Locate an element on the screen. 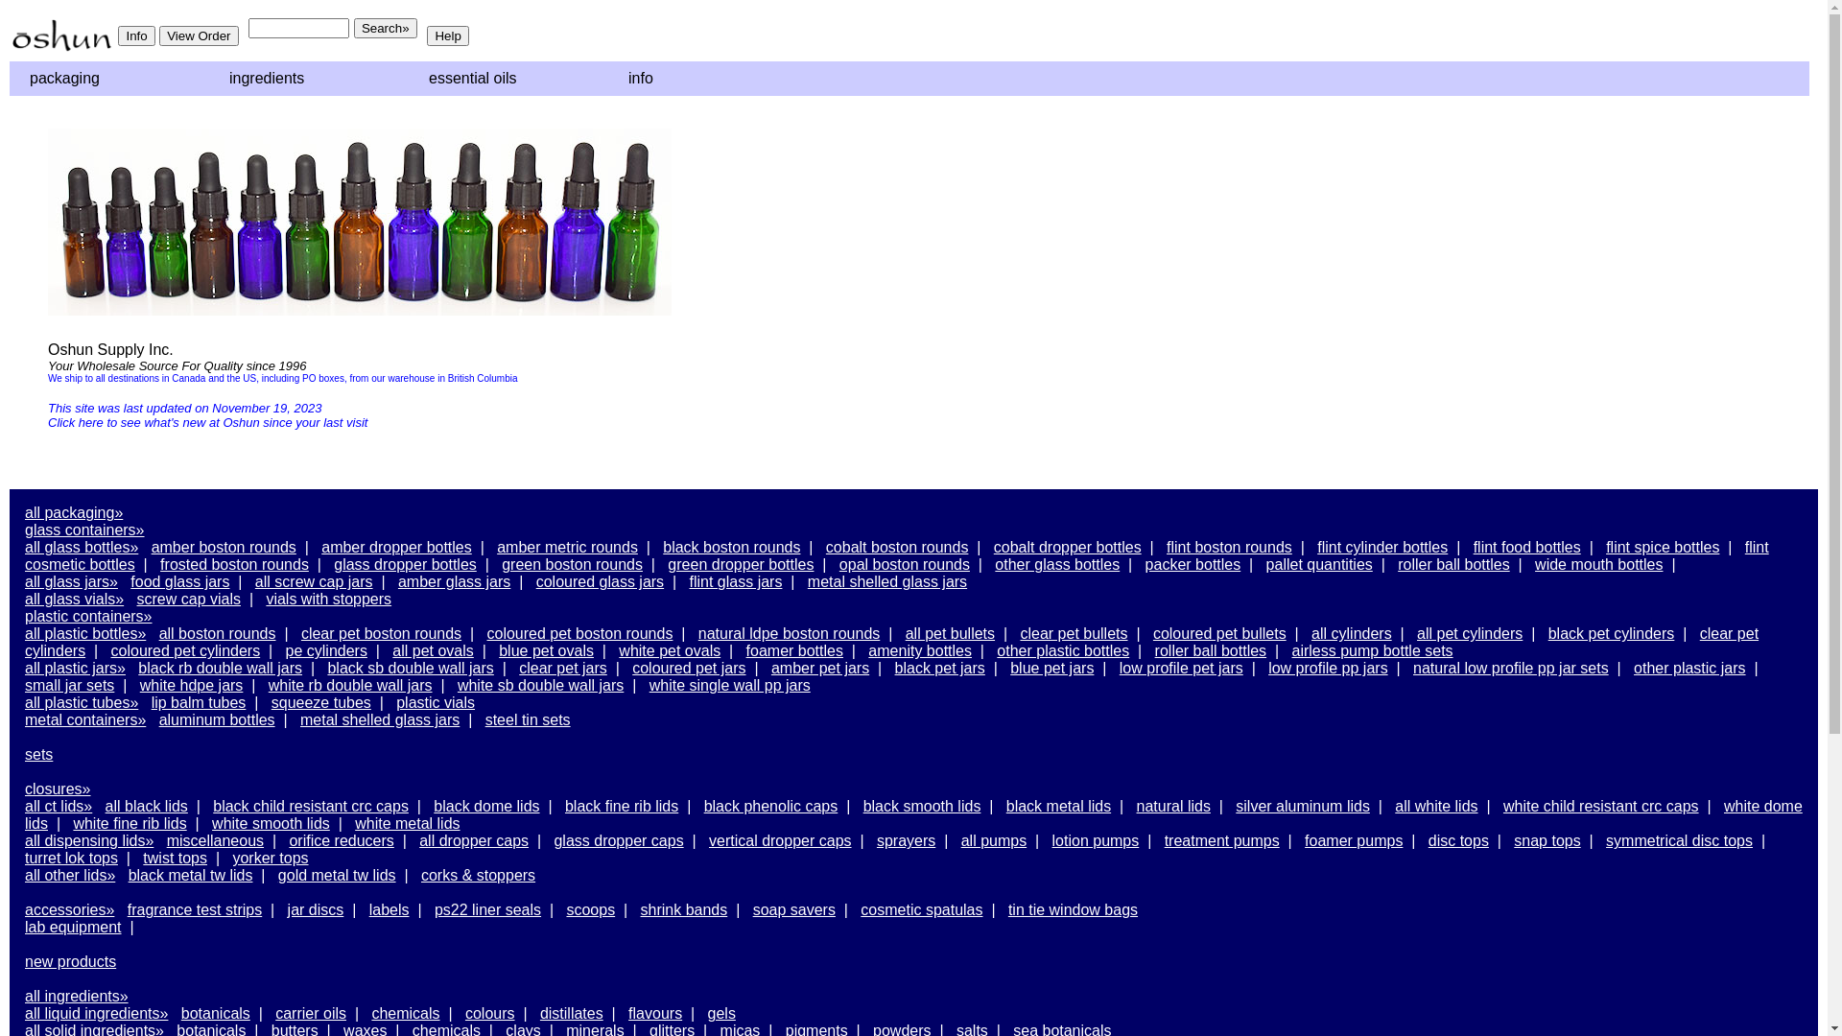  'Info' is located at coordinates (117, 35).